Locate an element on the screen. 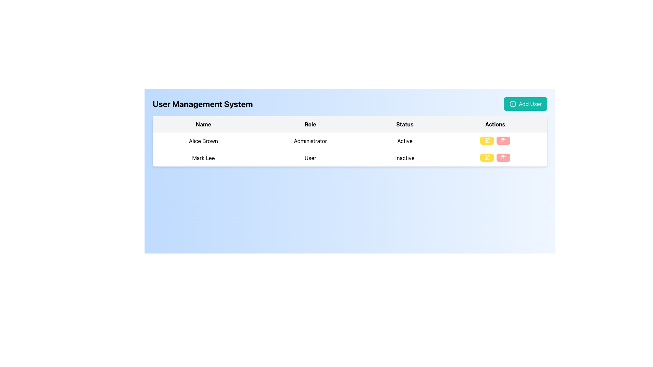  the edit button located in the 'Actions' column of the first row in the table is located at coordinates (486, 140).